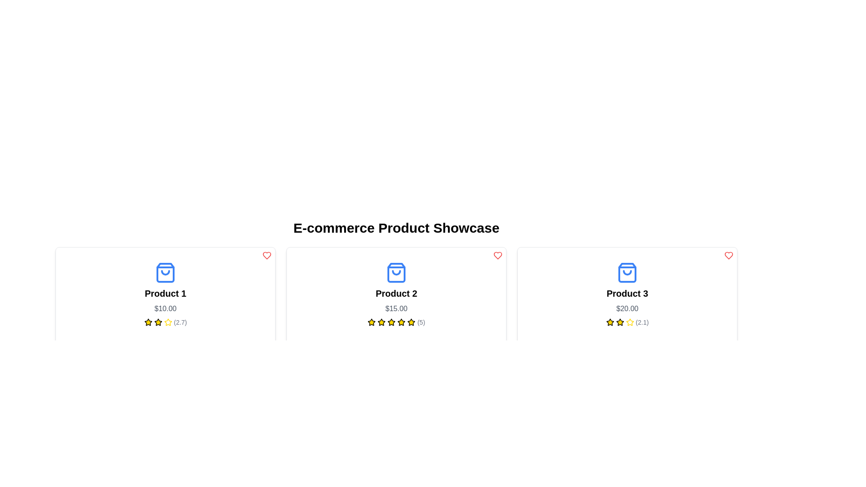  What do you see at coordinates (619, 322) in the screenshot?
I see `the gold-filled star icon representing the rating for 'Product 3'` at bounding box center [619, 322].